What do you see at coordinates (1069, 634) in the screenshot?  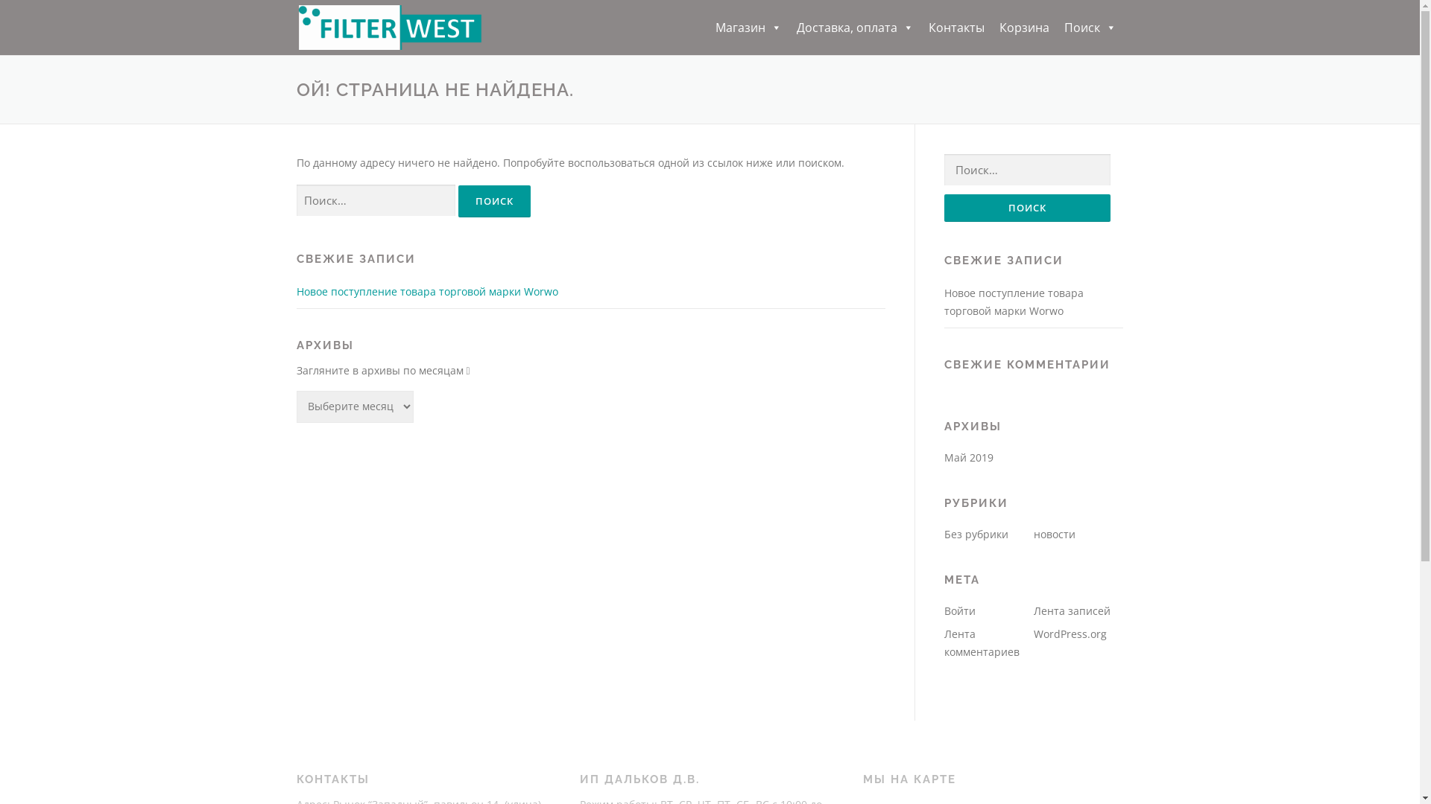 I see `'WordPress.org'` at bounding box center [1069, 634].